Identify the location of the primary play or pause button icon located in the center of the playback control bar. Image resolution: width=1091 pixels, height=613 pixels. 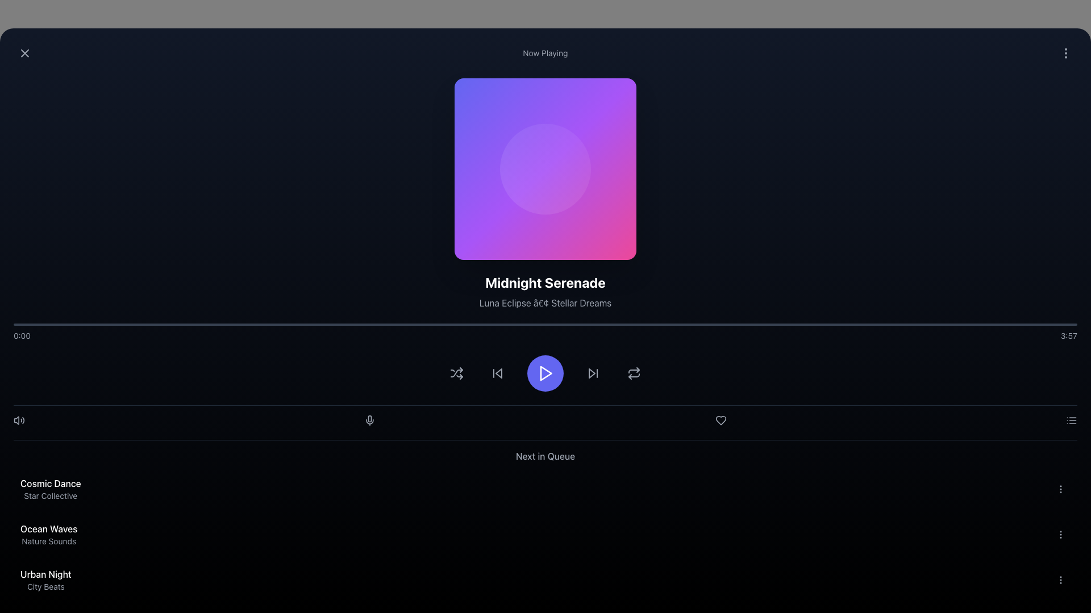
(546, 373).